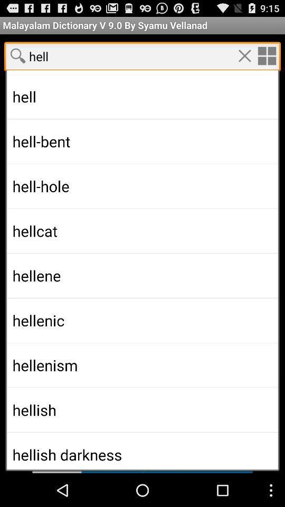 This screenshot has height=507, width=285. I want to click on scroll to next section, so click(142, 456).